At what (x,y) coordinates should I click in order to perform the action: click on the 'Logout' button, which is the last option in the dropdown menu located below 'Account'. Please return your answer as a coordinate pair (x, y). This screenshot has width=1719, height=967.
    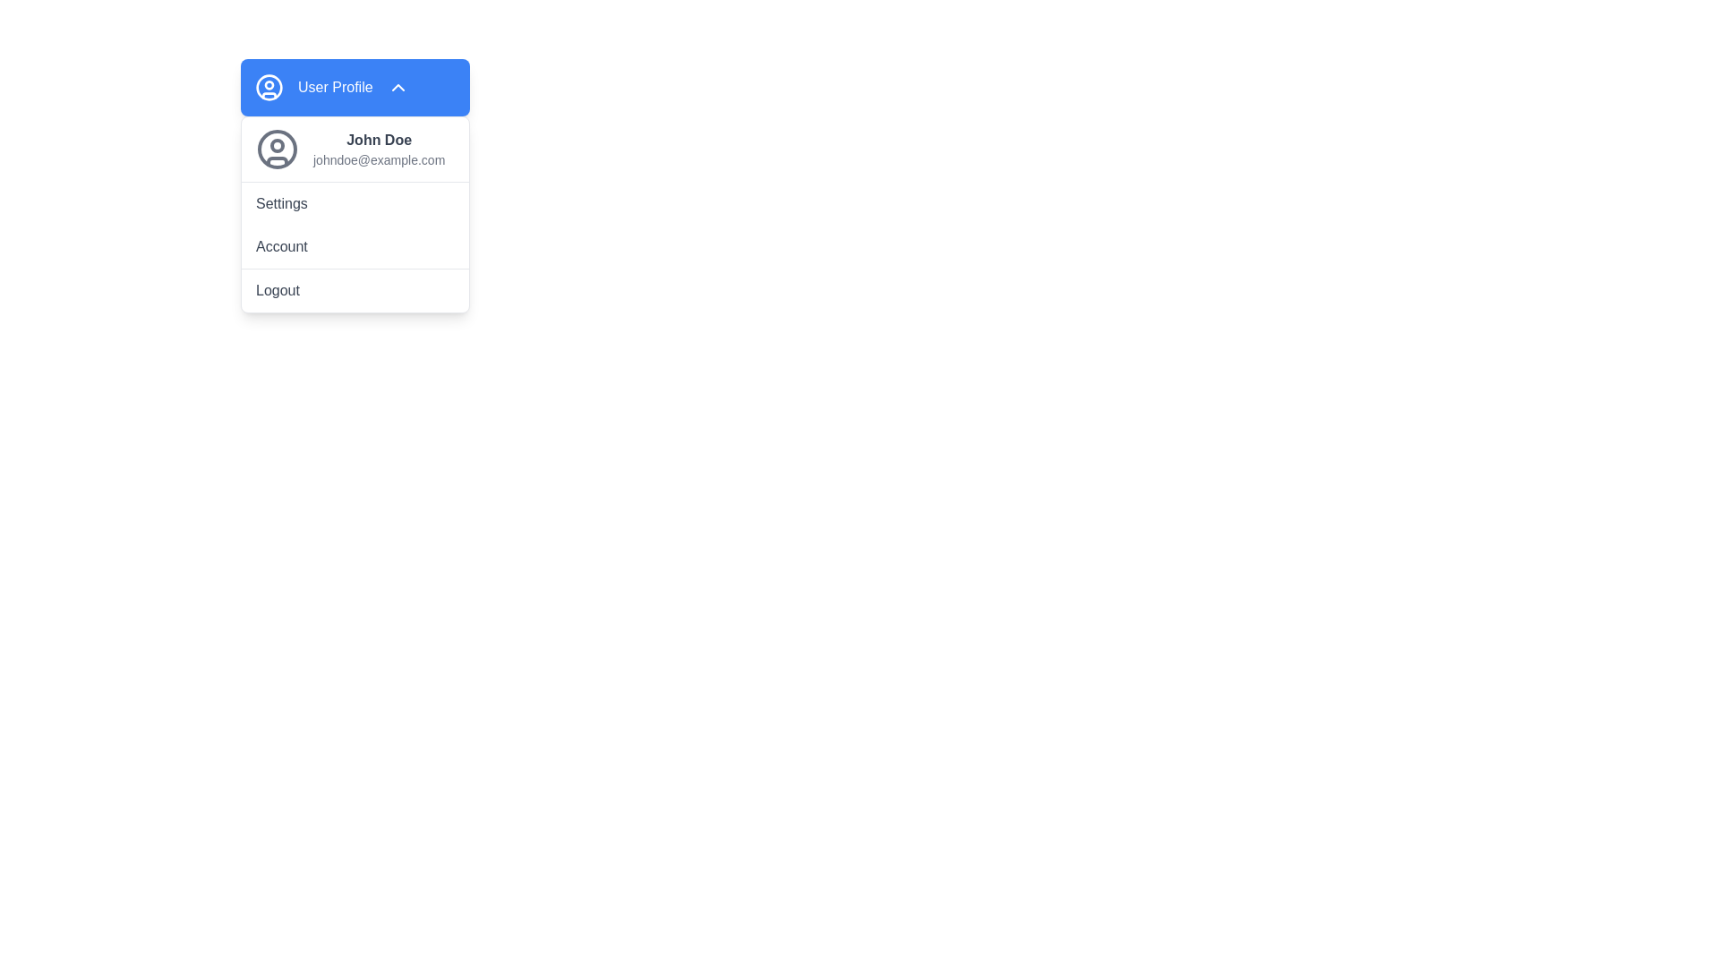
    Looking at the image, I should click on (355, 289).